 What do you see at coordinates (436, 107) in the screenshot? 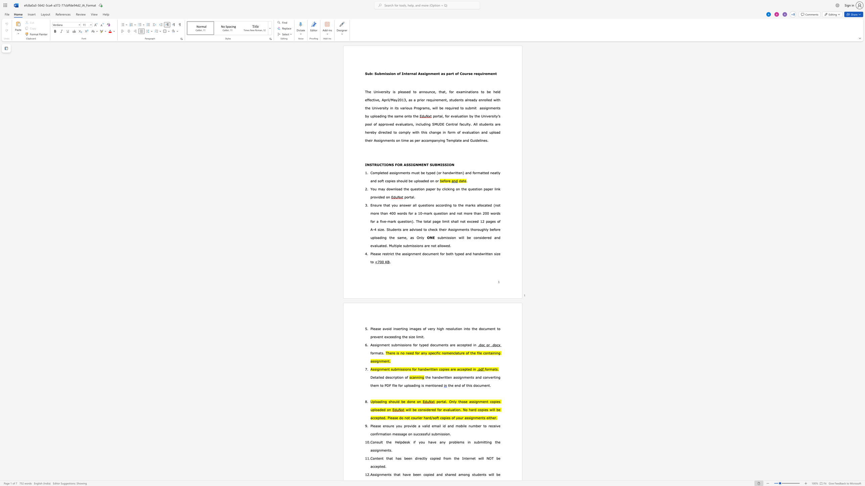
I see `the space between the continuous character "i" and "l" in the text` at bounding box center [436, 107].